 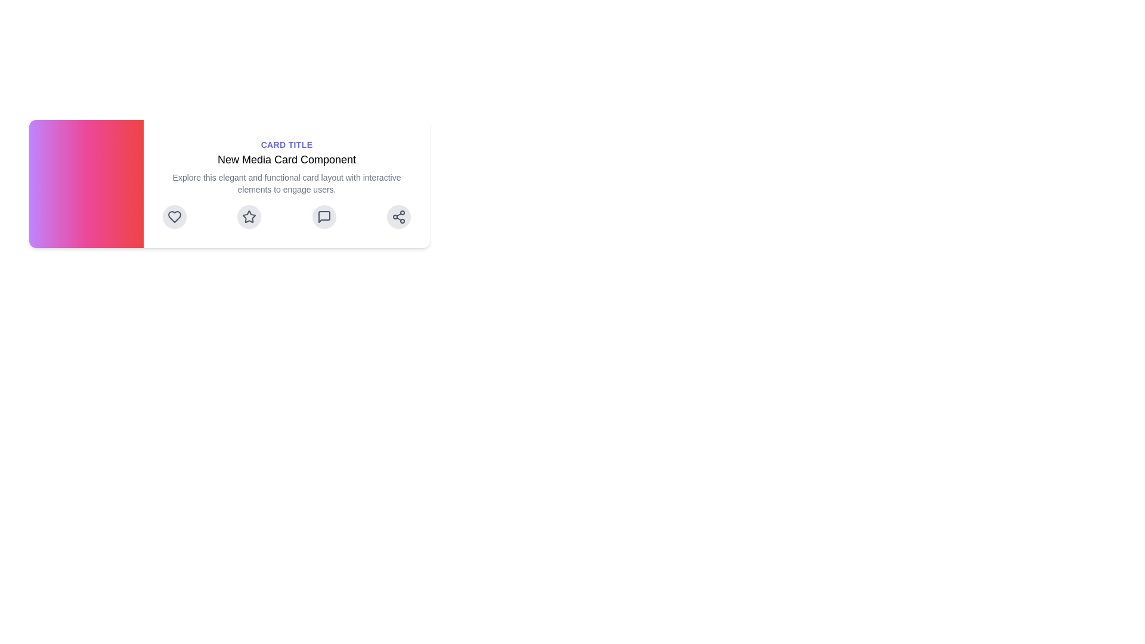 What do you see at coordinates (398, 216) in the screenshot?
I see `the circular share button with a soft gray background and a share symbol to initiate the sharing action` at bounding box center [398, 216].